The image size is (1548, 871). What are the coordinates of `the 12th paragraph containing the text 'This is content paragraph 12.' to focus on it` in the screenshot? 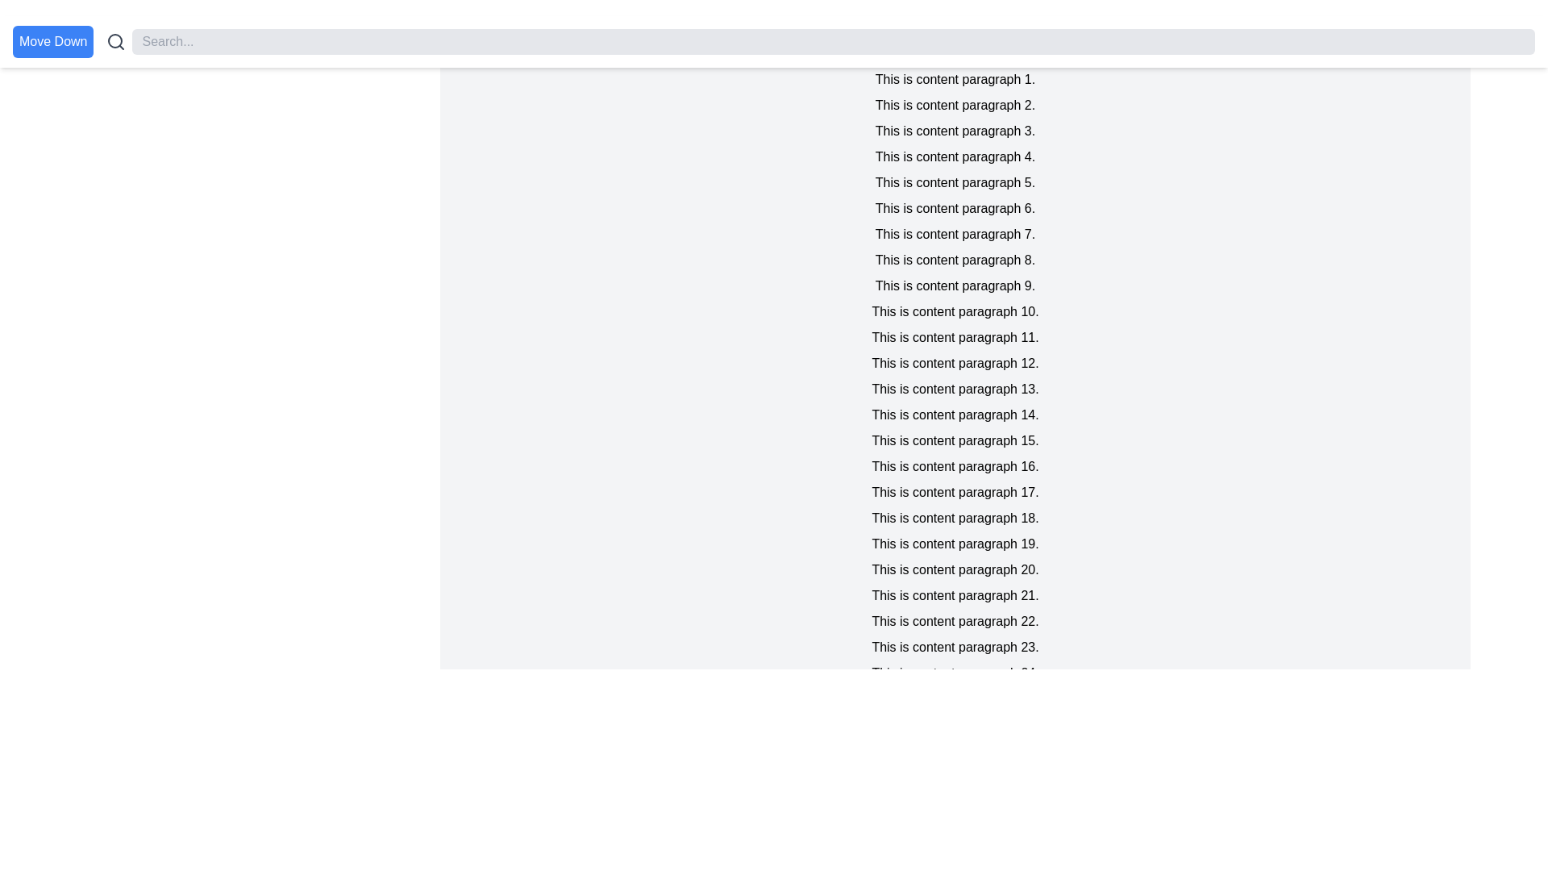 It's located at (955, 364).